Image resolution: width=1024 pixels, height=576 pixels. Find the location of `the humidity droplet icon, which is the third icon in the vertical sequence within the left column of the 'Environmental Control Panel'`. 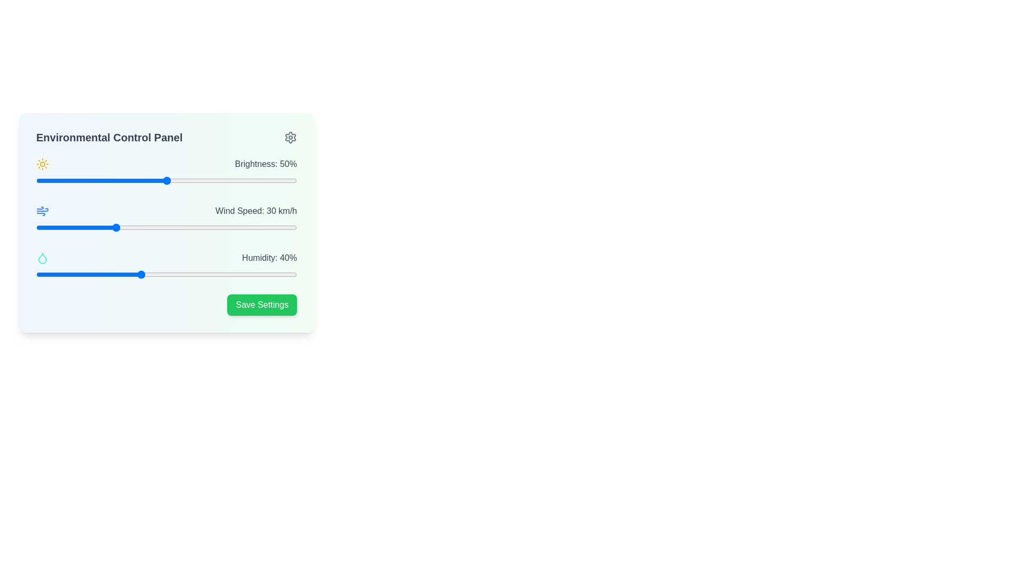

the humidity droplet icon, which is the third icon in the vertical sequence within the left column of the 'Environmental Control Panel' is located at coordinates (43, 258).